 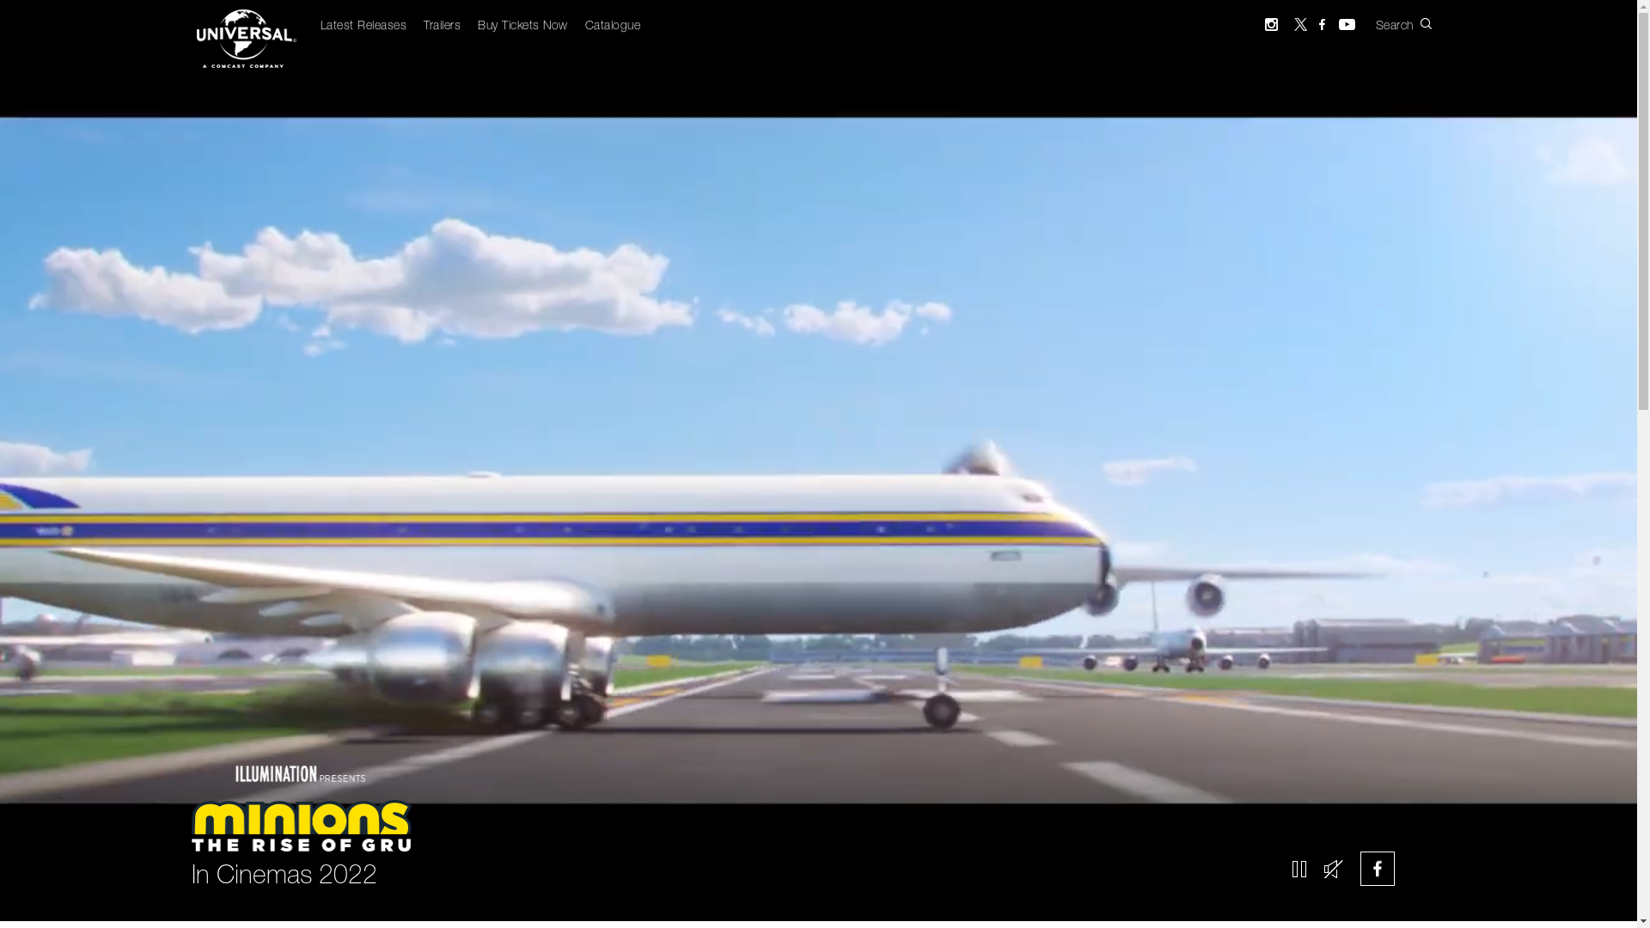 I want to click on 'Latest Releases', so click(x=362, y=26).